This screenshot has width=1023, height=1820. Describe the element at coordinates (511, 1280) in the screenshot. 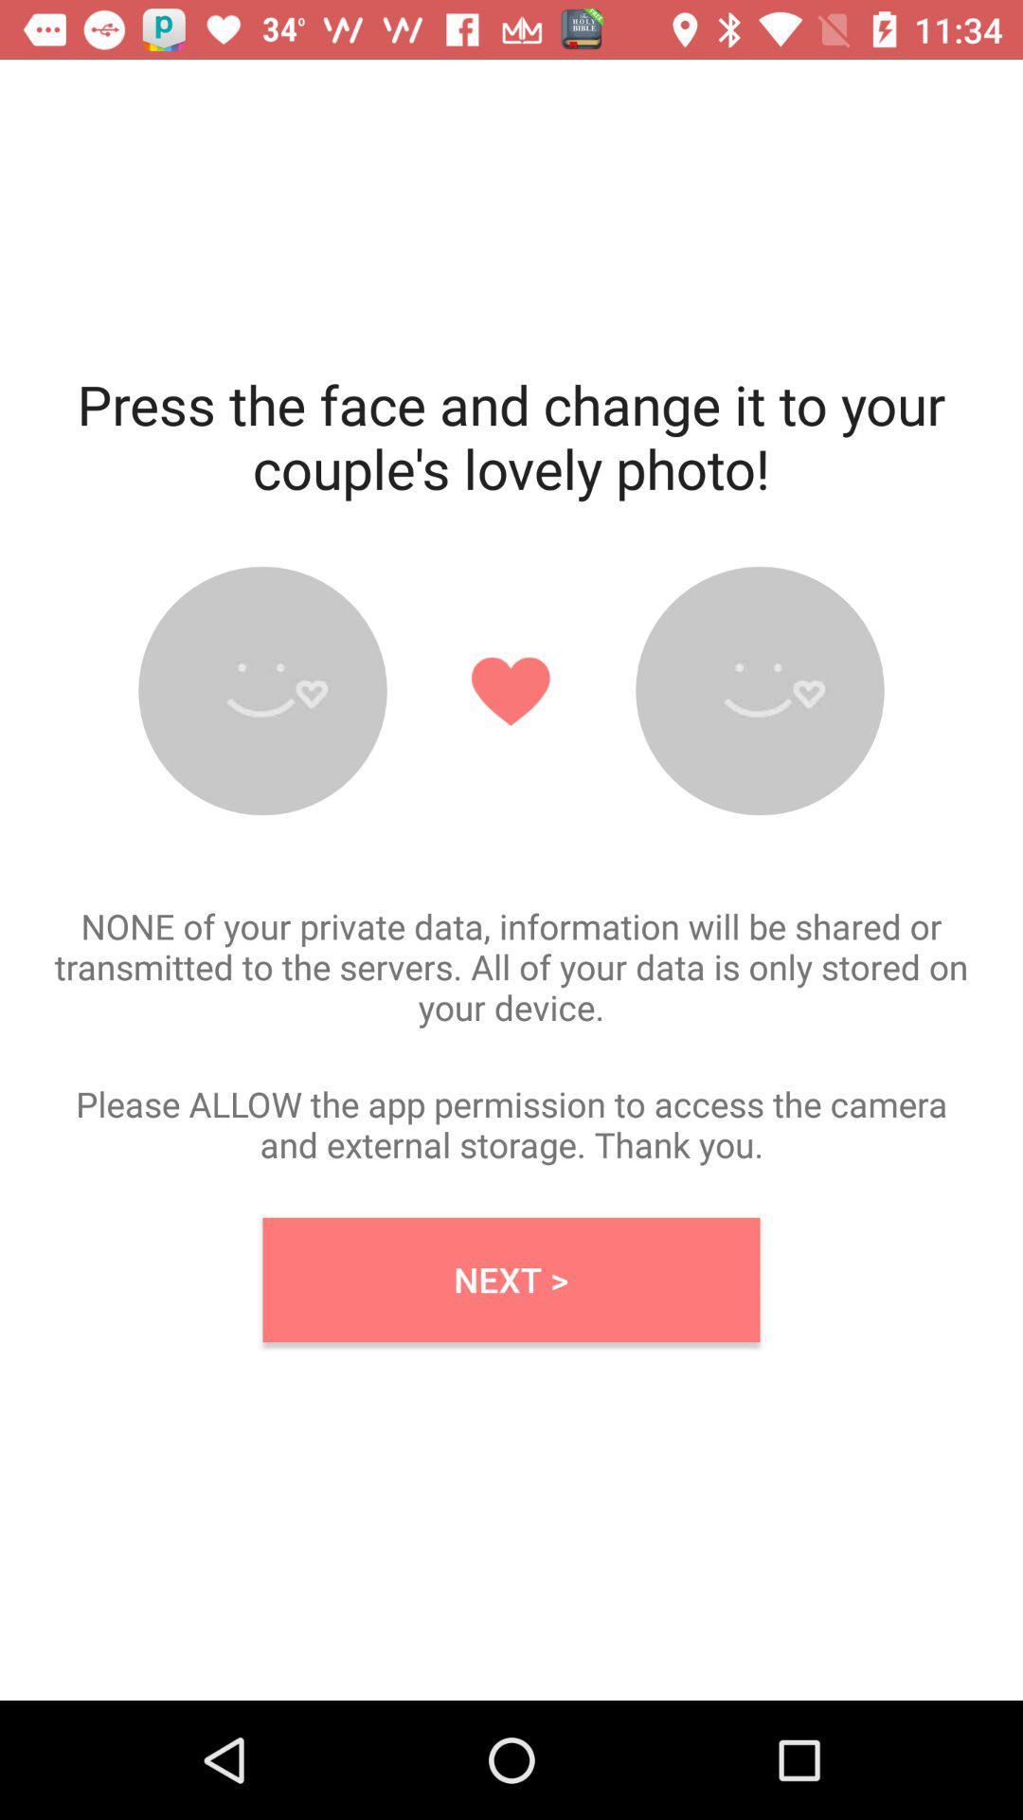

I see `the app below the please allow the app` at that location.